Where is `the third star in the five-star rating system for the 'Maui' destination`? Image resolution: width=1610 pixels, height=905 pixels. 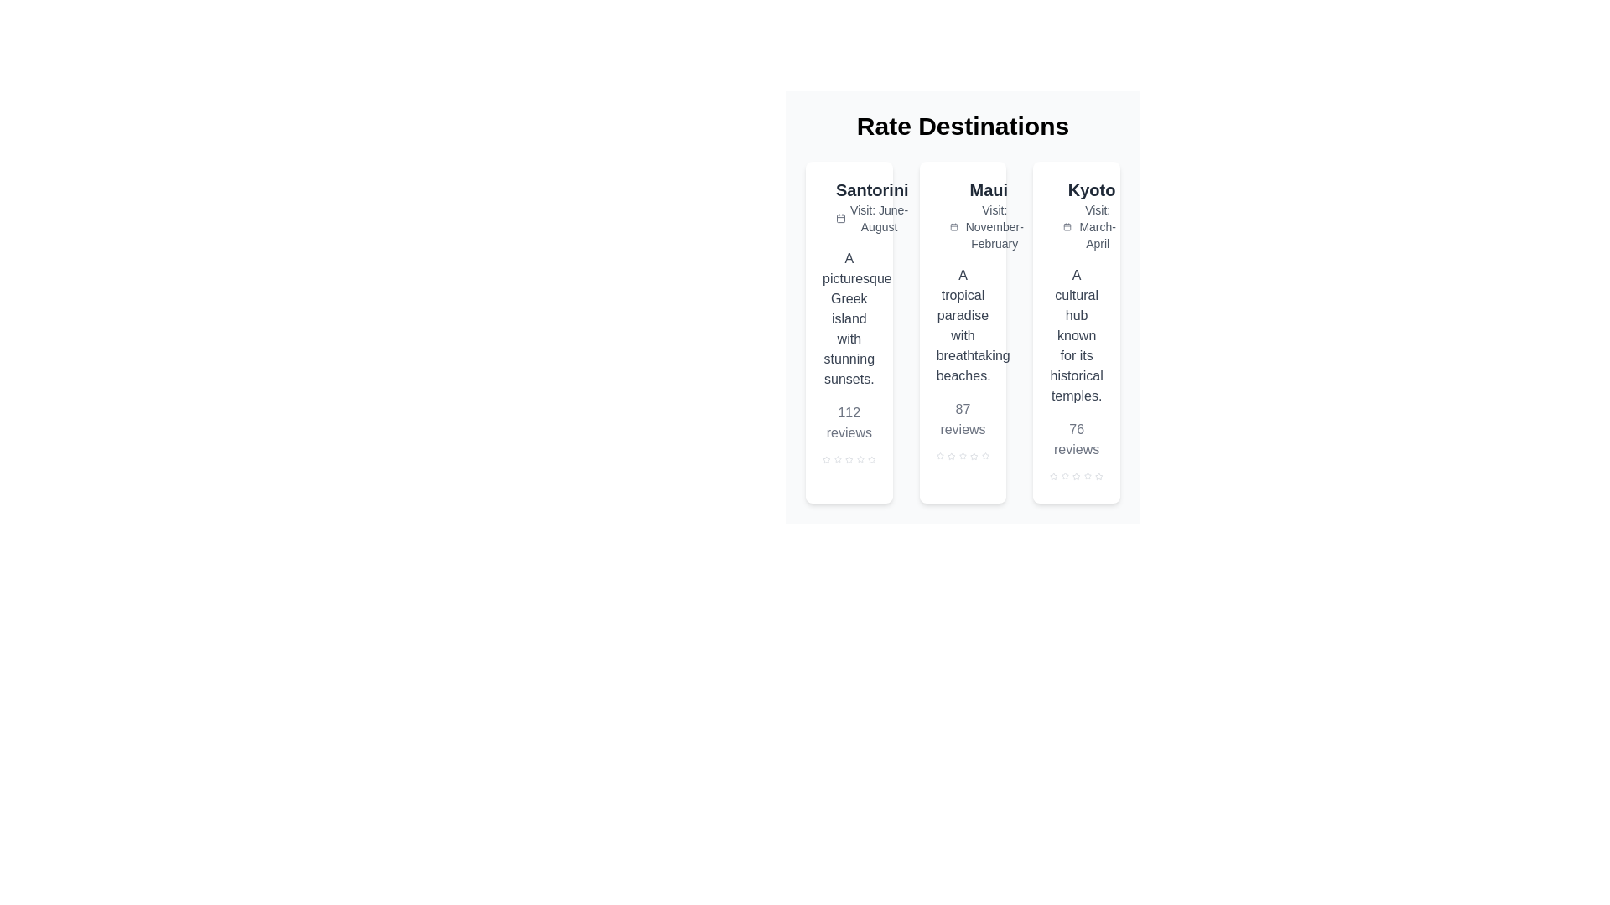
the third star in the five-star rating system for the 'Maui' destination is located at coordinates (963, 456).